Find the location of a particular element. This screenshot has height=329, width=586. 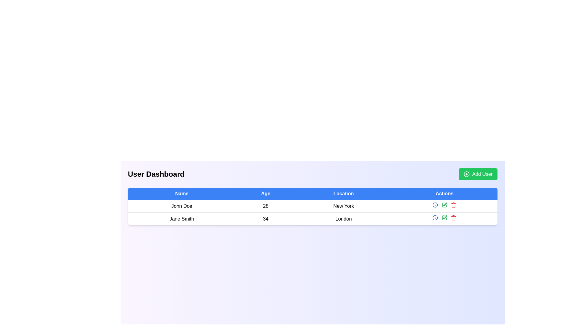

the static text element displaying '28' under the 'Age' column in the row for 'John Doe' in the user information table is located at coordinates (266, 206).